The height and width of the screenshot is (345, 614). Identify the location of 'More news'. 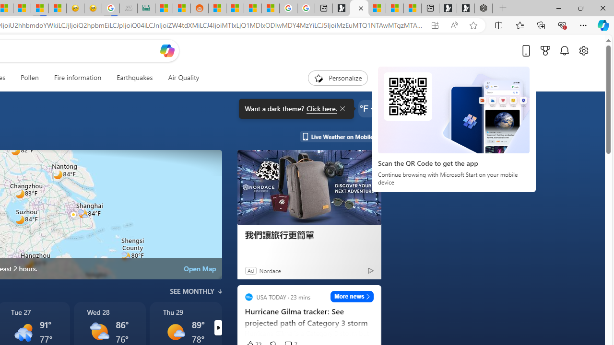
(352, 296).